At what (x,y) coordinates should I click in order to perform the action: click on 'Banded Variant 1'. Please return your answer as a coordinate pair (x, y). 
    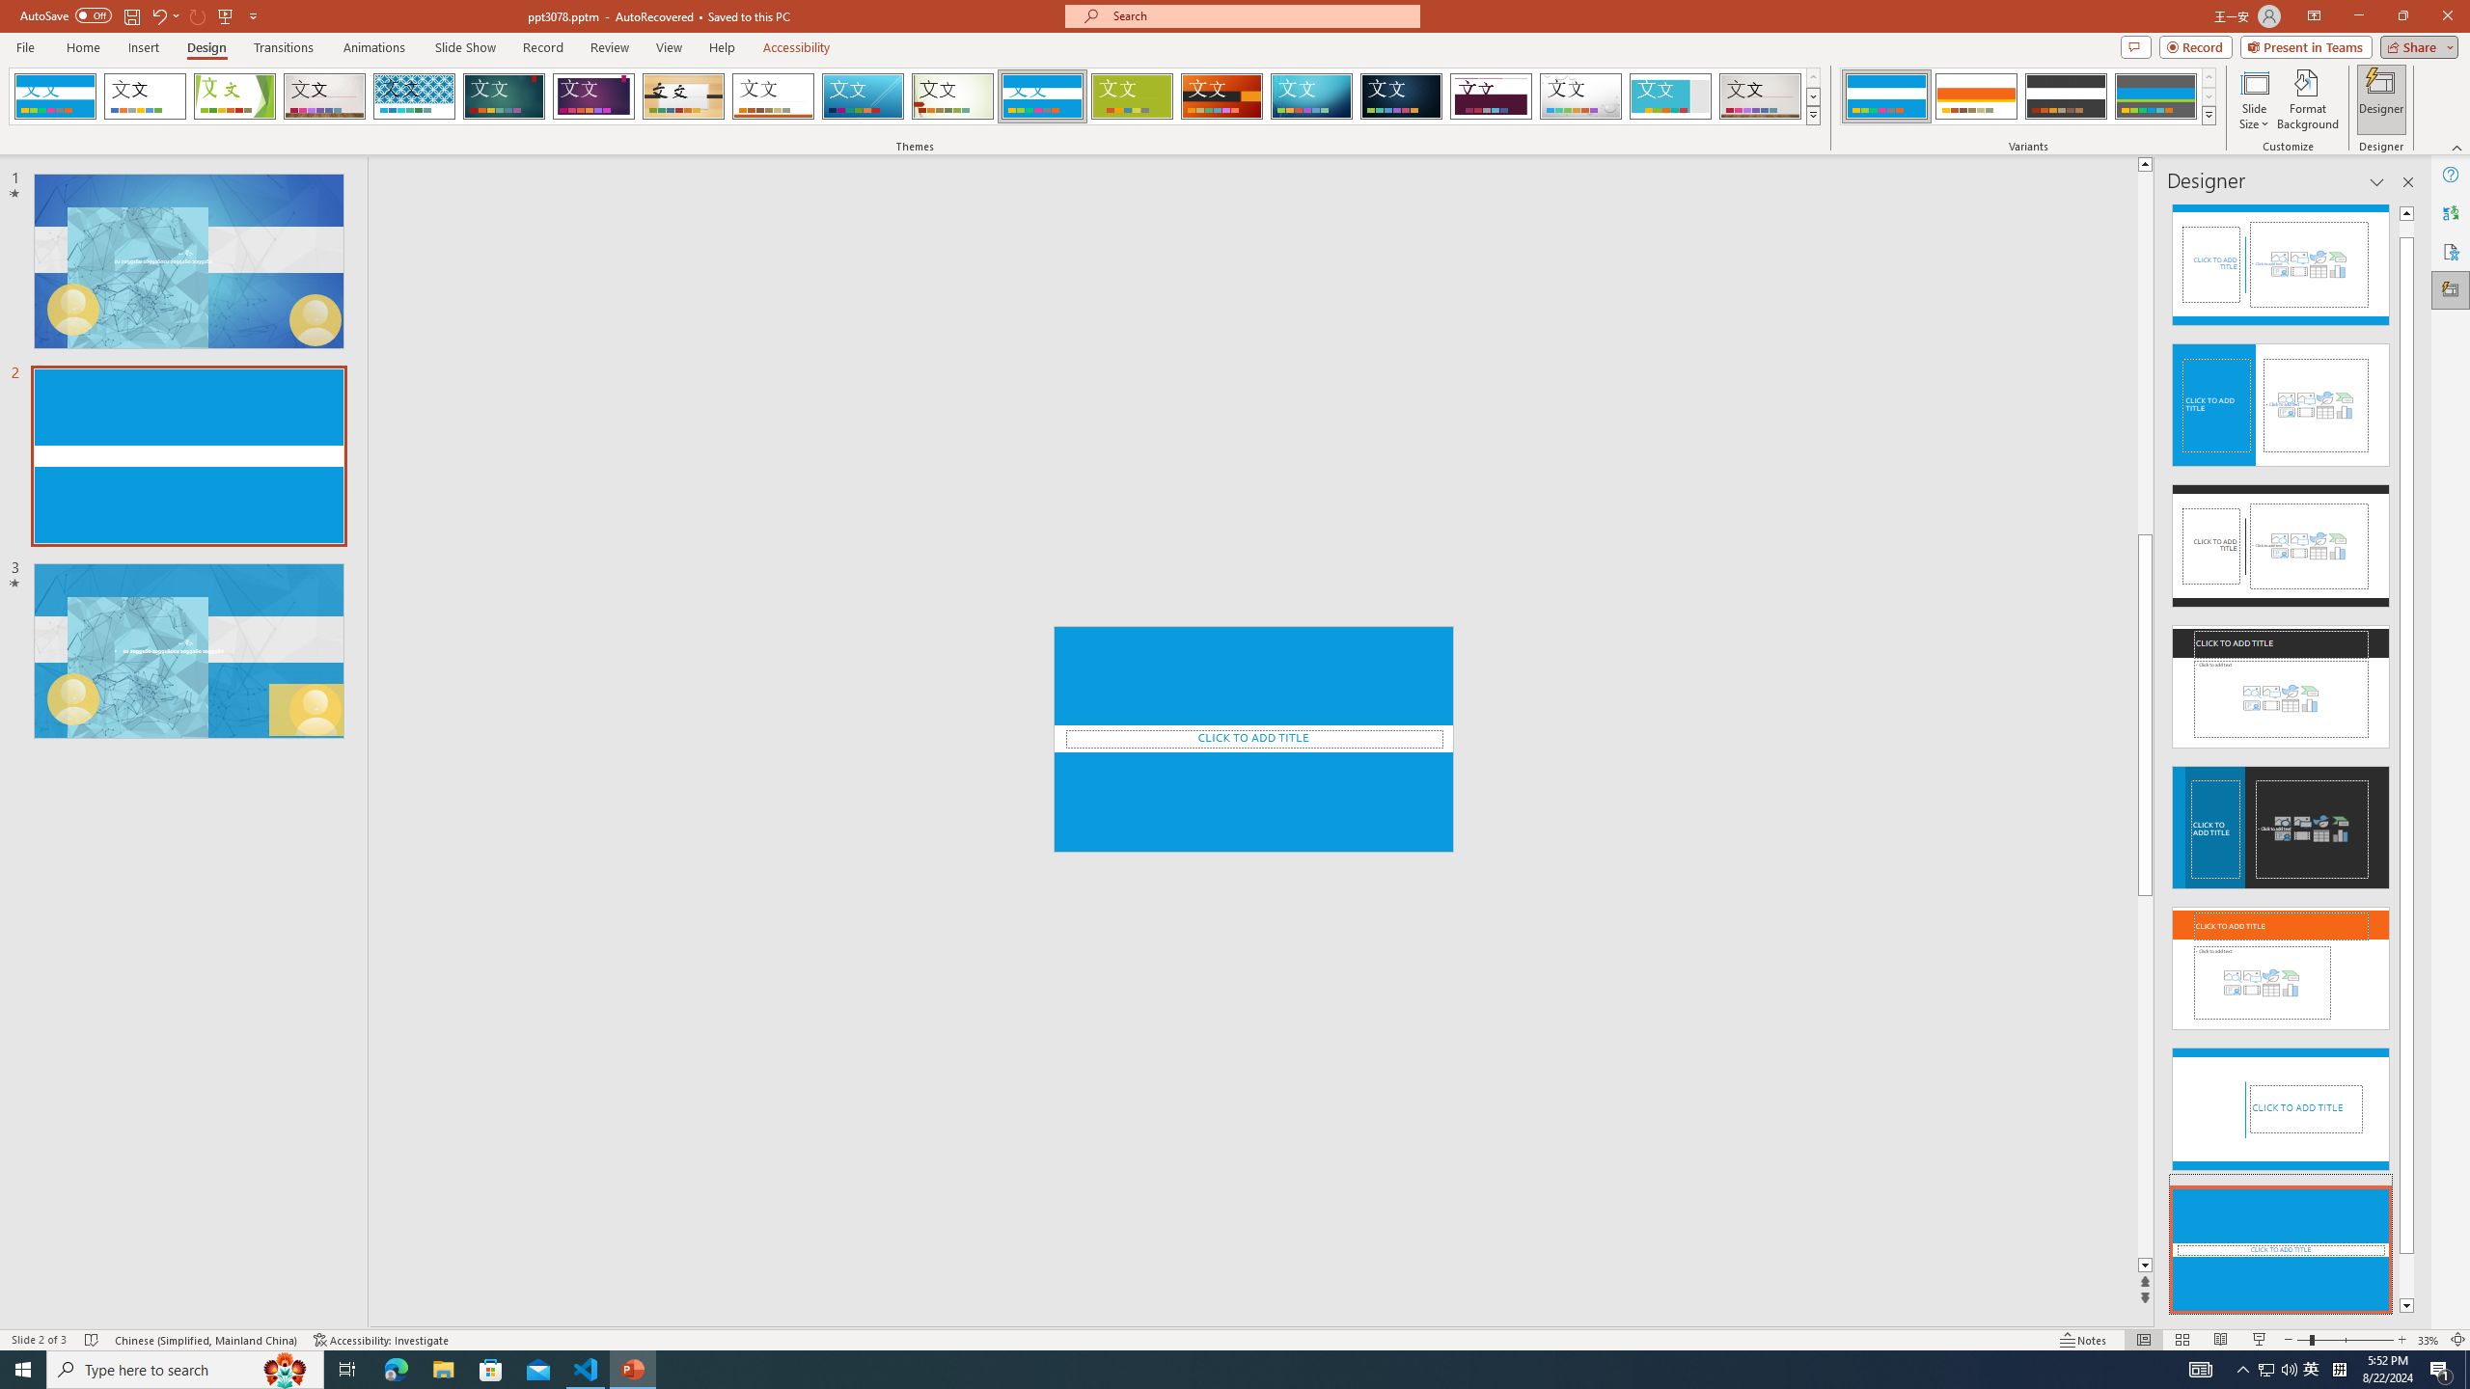
    Looking at the image, I should click on (1885, 95).